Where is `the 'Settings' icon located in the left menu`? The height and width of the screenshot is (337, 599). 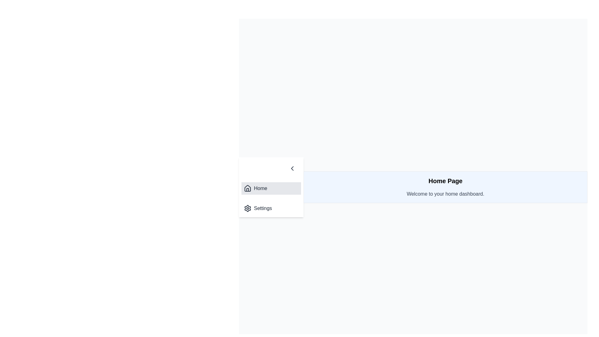
the 'Settings' icon located in the left menu is located at coordinates (247, 208).